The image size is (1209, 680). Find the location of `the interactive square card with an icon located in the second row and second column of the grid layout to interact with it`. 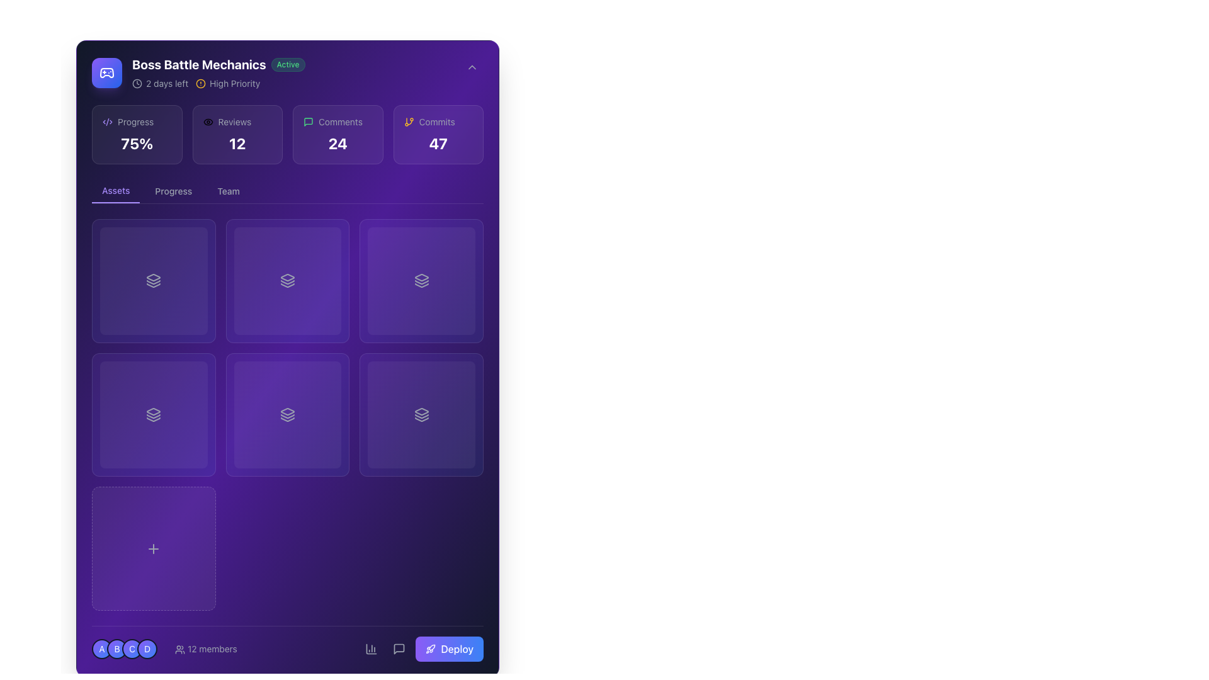

the interactive square card with an icon located in the second row and second column of the grid layout to interact with it is located at coordinates (287, 415).